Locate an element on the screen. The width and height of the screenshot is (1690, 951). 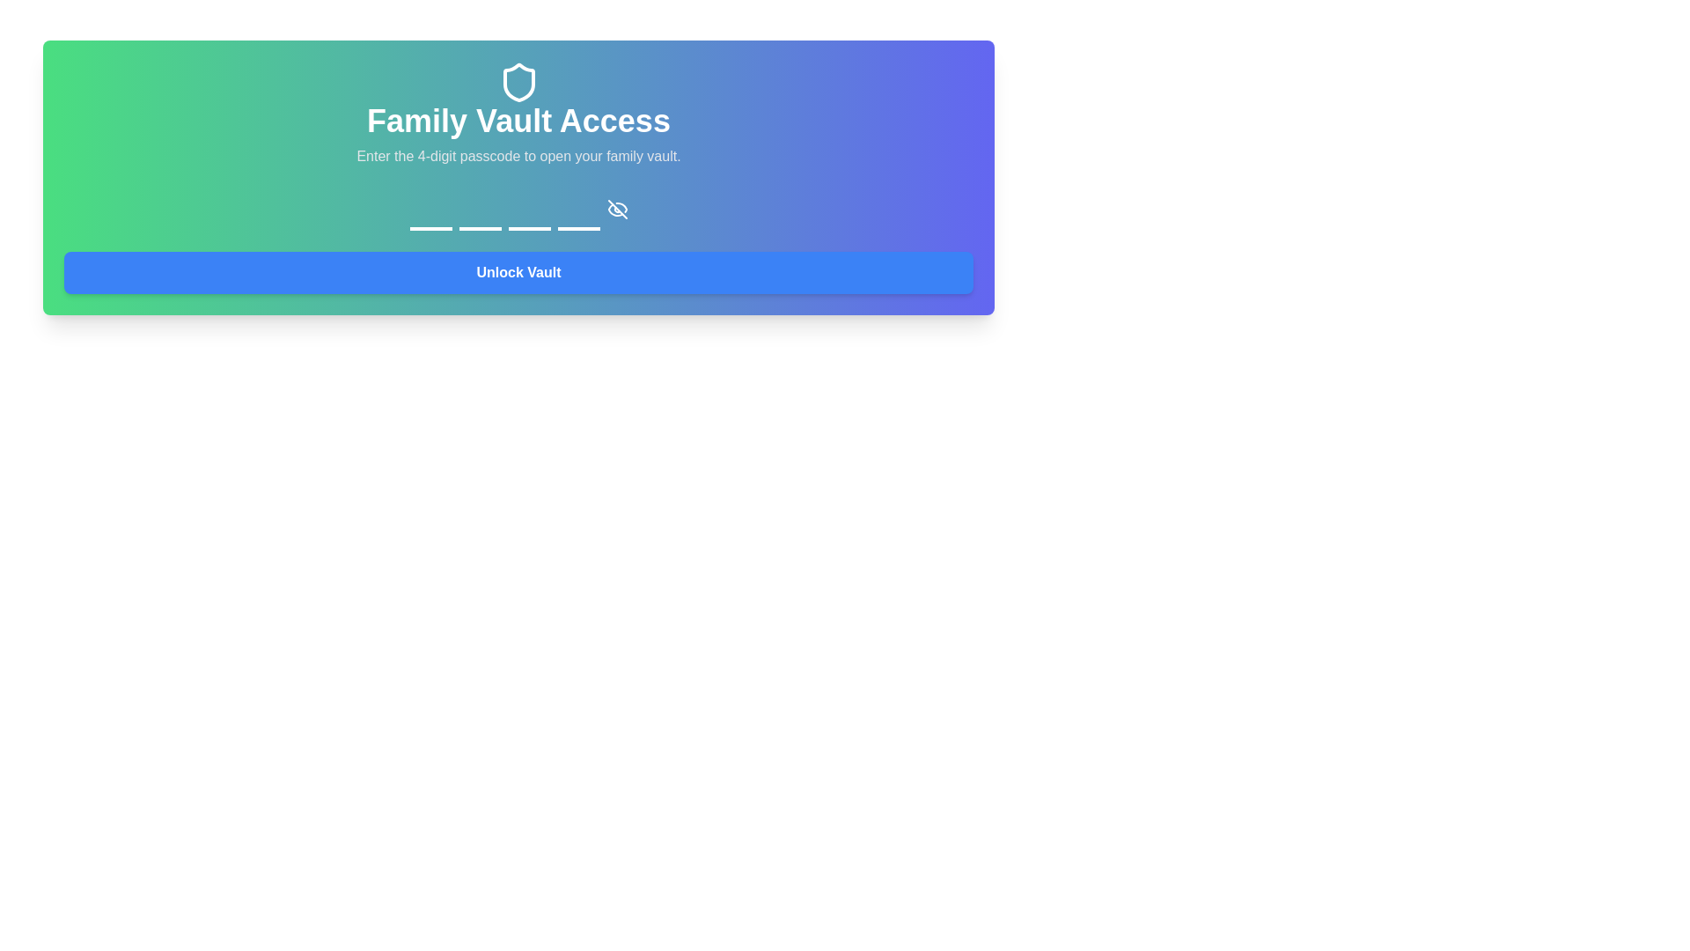
the text display element that instructs 'Enter the 4-digit passcode is located at coordinates (518, 155).